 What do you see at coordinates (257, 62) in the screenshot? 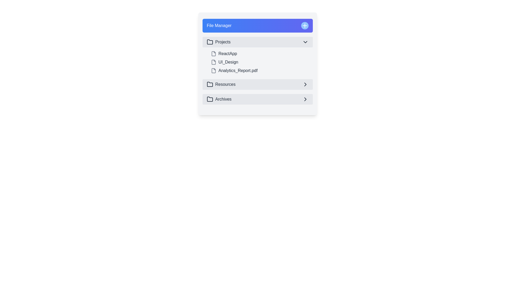
I see `on the second file or folder name in the 'Projects' folder of the 'File Manager', which is located below 'ReactApp' and above 'Analytics_Report.pdf'` at bounding box center [257, 62].